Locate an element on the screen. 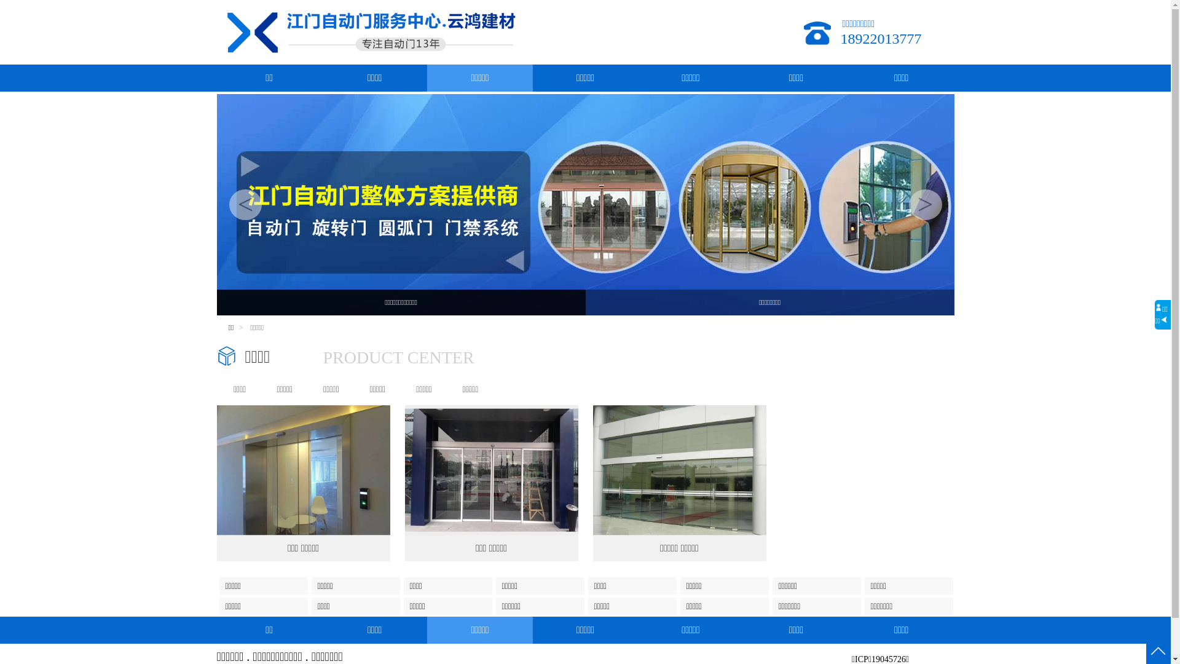  '<' is located at coordinates (245, 204).